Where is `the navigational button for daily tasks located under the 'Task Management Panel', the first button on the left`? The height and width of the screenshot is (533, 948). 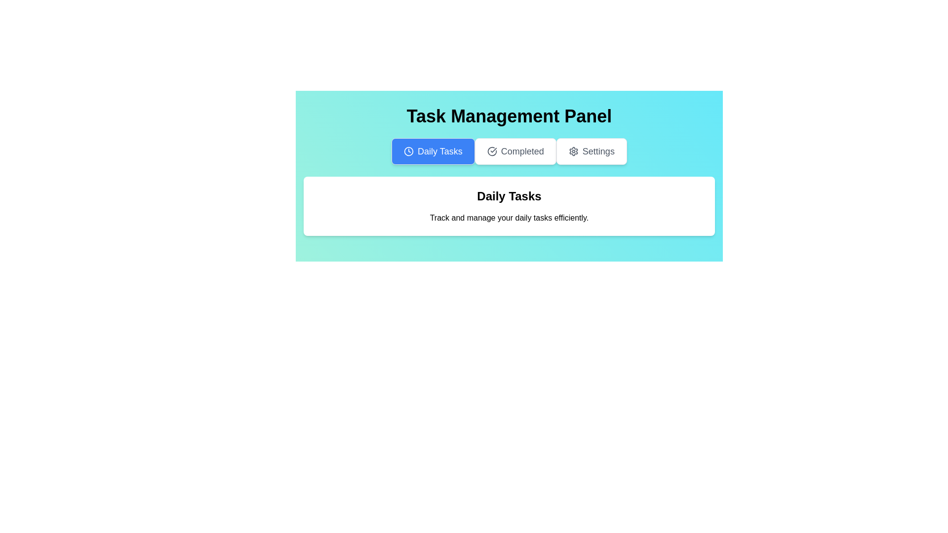 the navigational button for daily tasks located under the 'Task Management Panel', the first button on the left is located at coordinates (433, 152).